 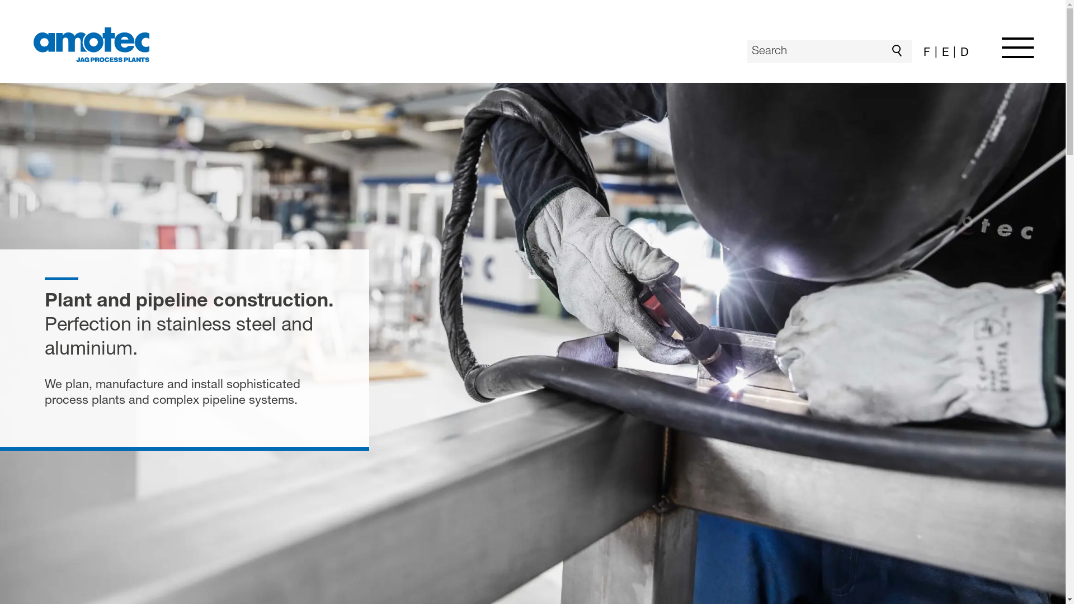 What do you see at coordinates (91, 44) in the screenshot?
I see `'Zur Startseite'` at bounding box center [91, 44].